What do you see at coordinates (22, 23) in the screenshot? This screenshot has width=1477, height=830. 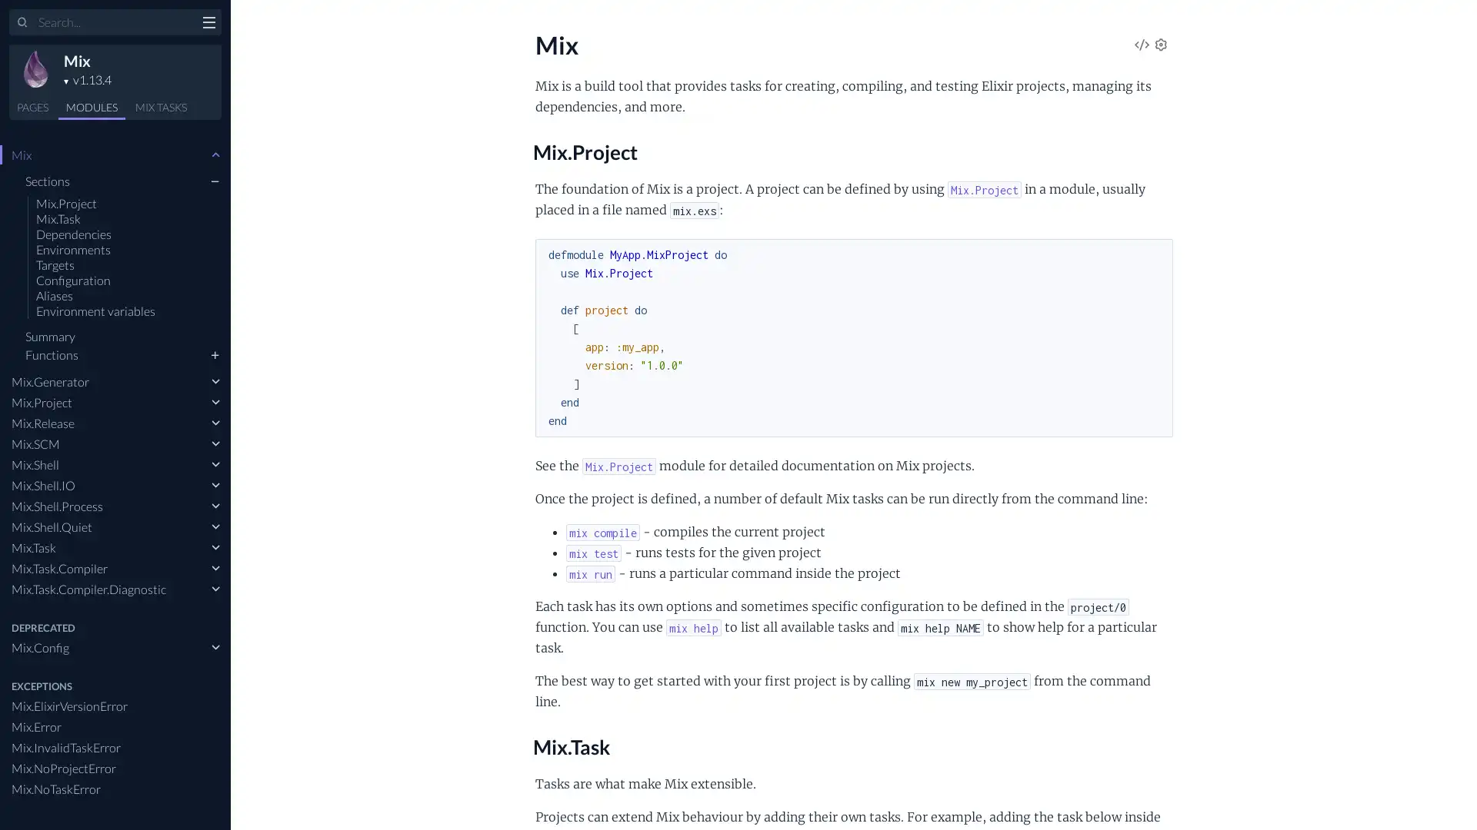 I see `Submit Search` at bounding box center [22, 23].